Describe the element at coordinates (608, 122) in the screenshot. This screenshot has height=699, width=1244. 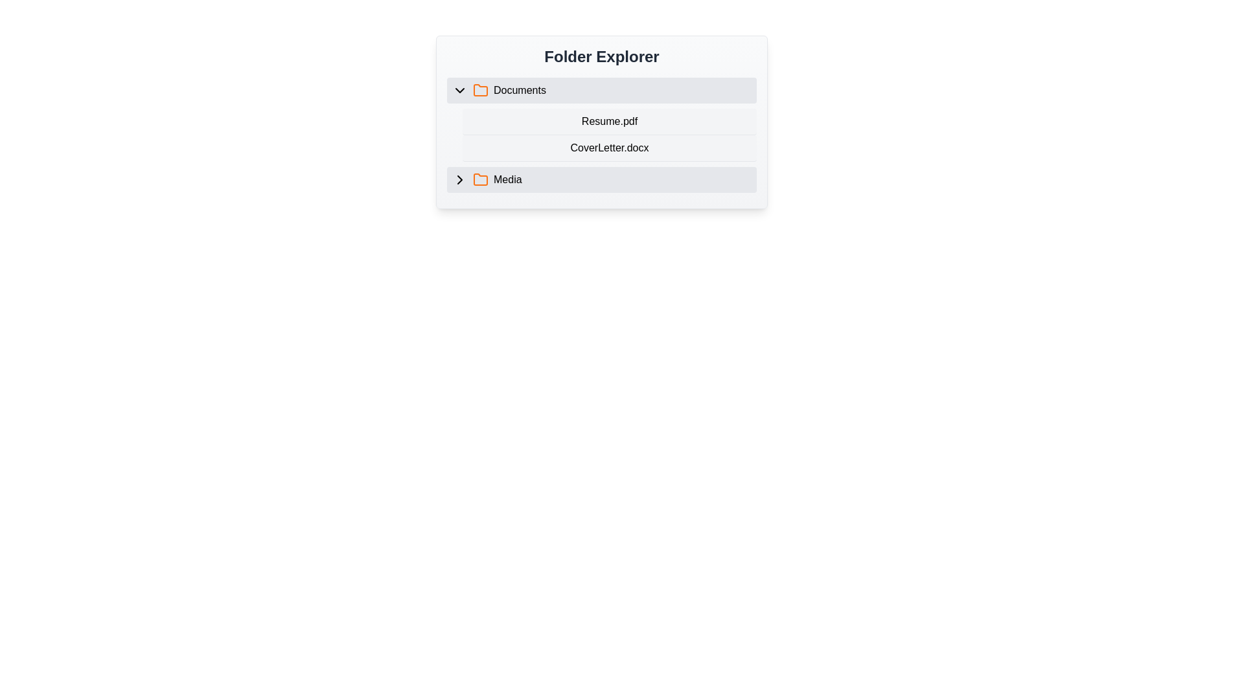
I see `the text label representing the filename` at that location.